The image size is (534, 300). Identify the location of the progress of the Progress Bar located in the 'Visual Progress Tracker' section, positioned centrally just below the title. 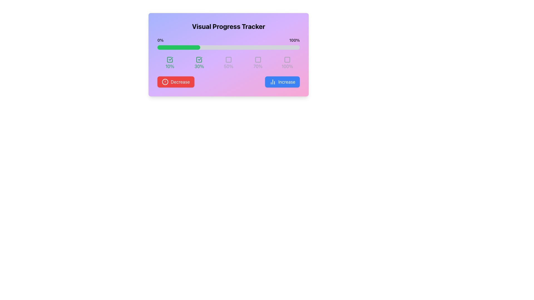
(228, 43).